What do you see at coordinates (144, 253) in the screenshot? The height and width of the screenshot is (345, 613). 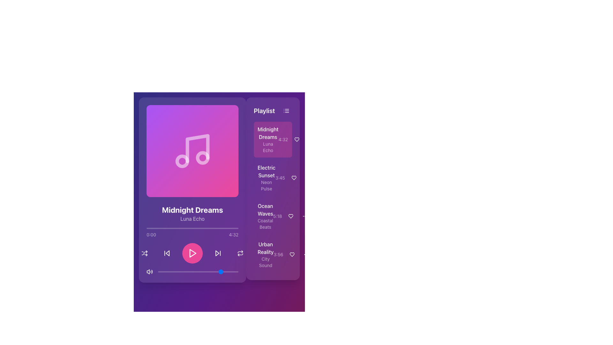 I see `the shuffle button with an SVG icon located at the bottom-right of the media player controls` at bounding box center [144, 253].